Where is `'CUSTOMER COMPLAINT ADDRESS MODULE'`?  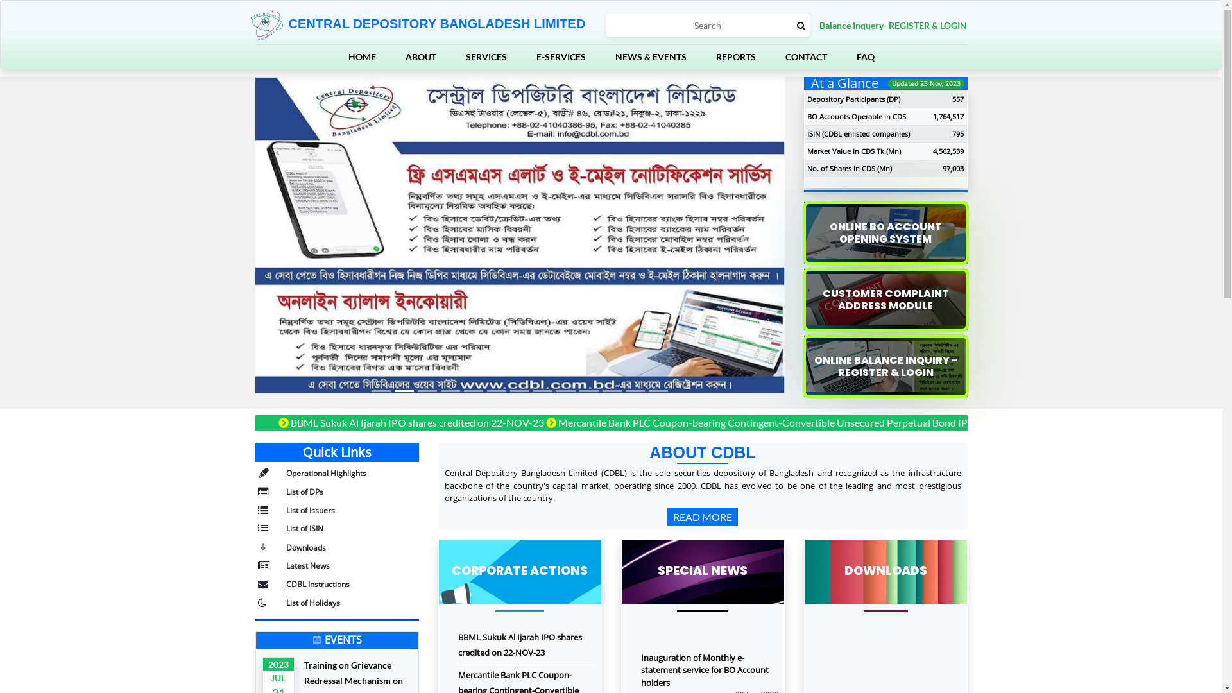 'CUSTOMER COMPLAINT ADDRESS MODULE' is located at coordinates (803, 299).